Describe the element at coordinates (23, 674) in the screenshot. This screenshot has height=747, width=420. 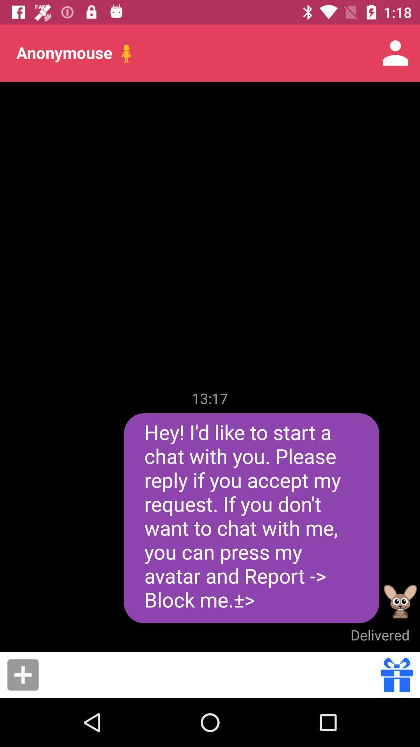
I see `the add icon` at that location.